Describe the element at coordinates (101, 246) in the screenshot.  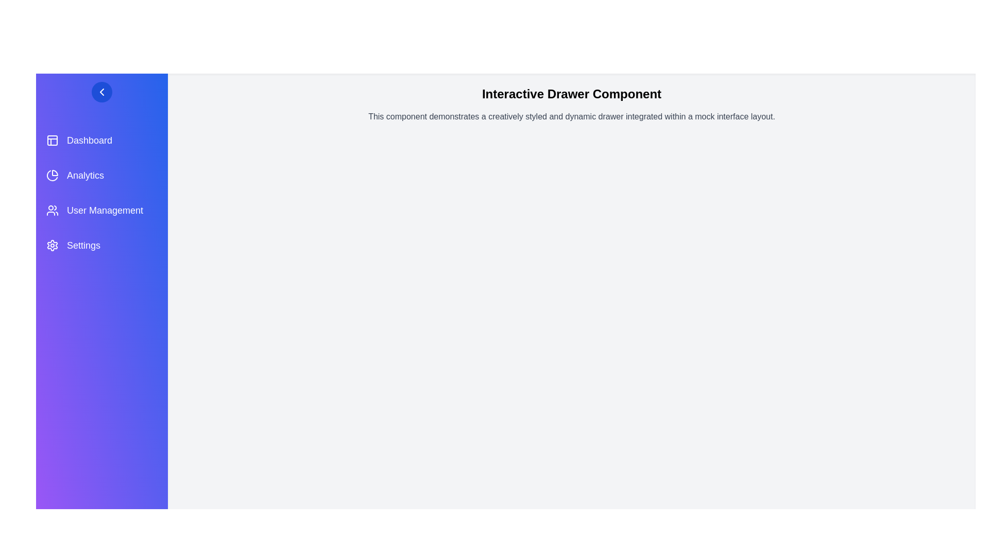
I see `the menu item Settings to trigger its hover effect` at that location.